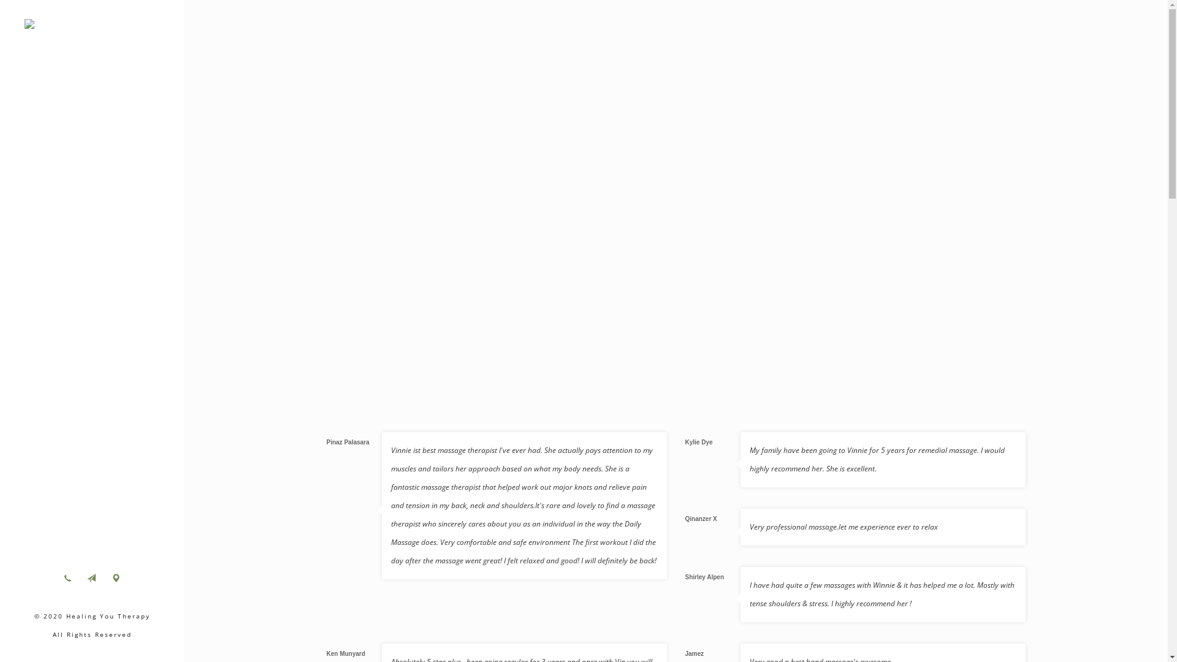 The height and width of the screenshot is (662, 1177). Describe the element at coordinates (90, 577) in the screenshot. I see `'Email'` at that location.